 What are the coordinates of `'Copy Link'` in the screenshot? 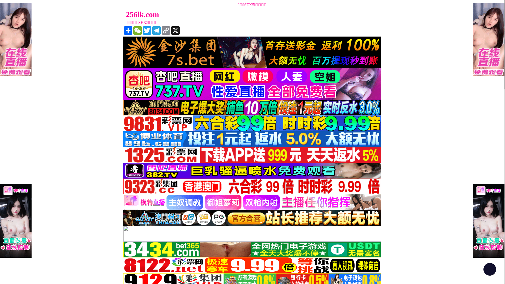 It's located at (165, 30).